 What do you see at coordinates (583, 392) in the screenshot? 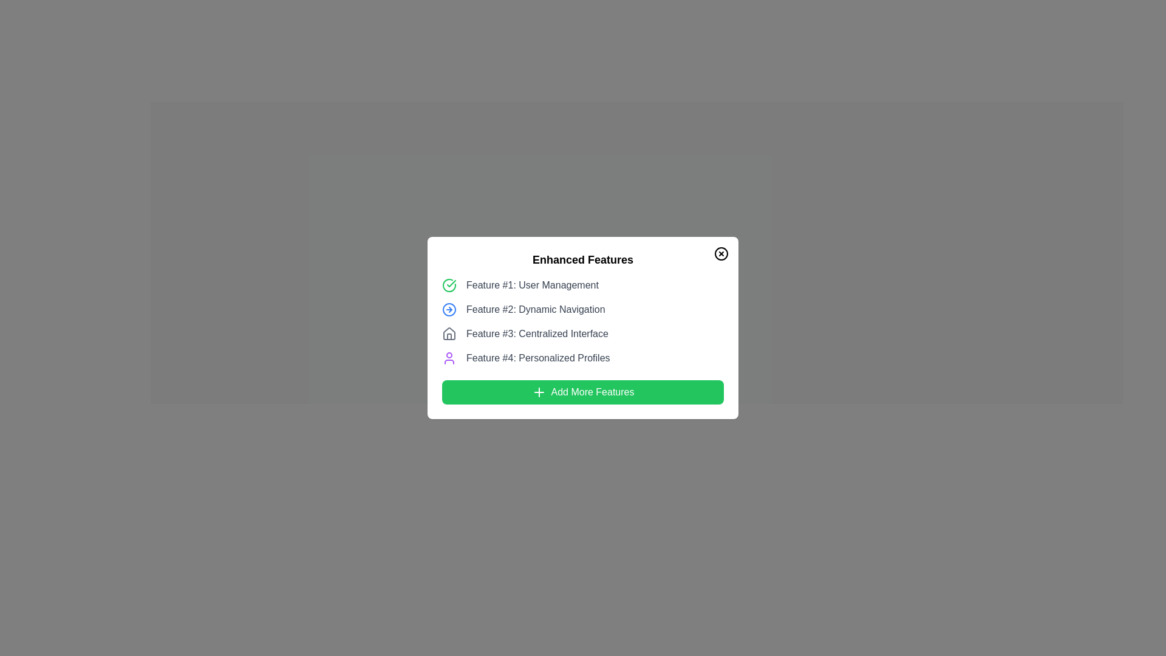
I see `the wide, green-colored button labeled 'Add More Features' with a '+' icon, located at the bottom of the 'Enhanced Features' dialog box` at bounding box center [583, 392].